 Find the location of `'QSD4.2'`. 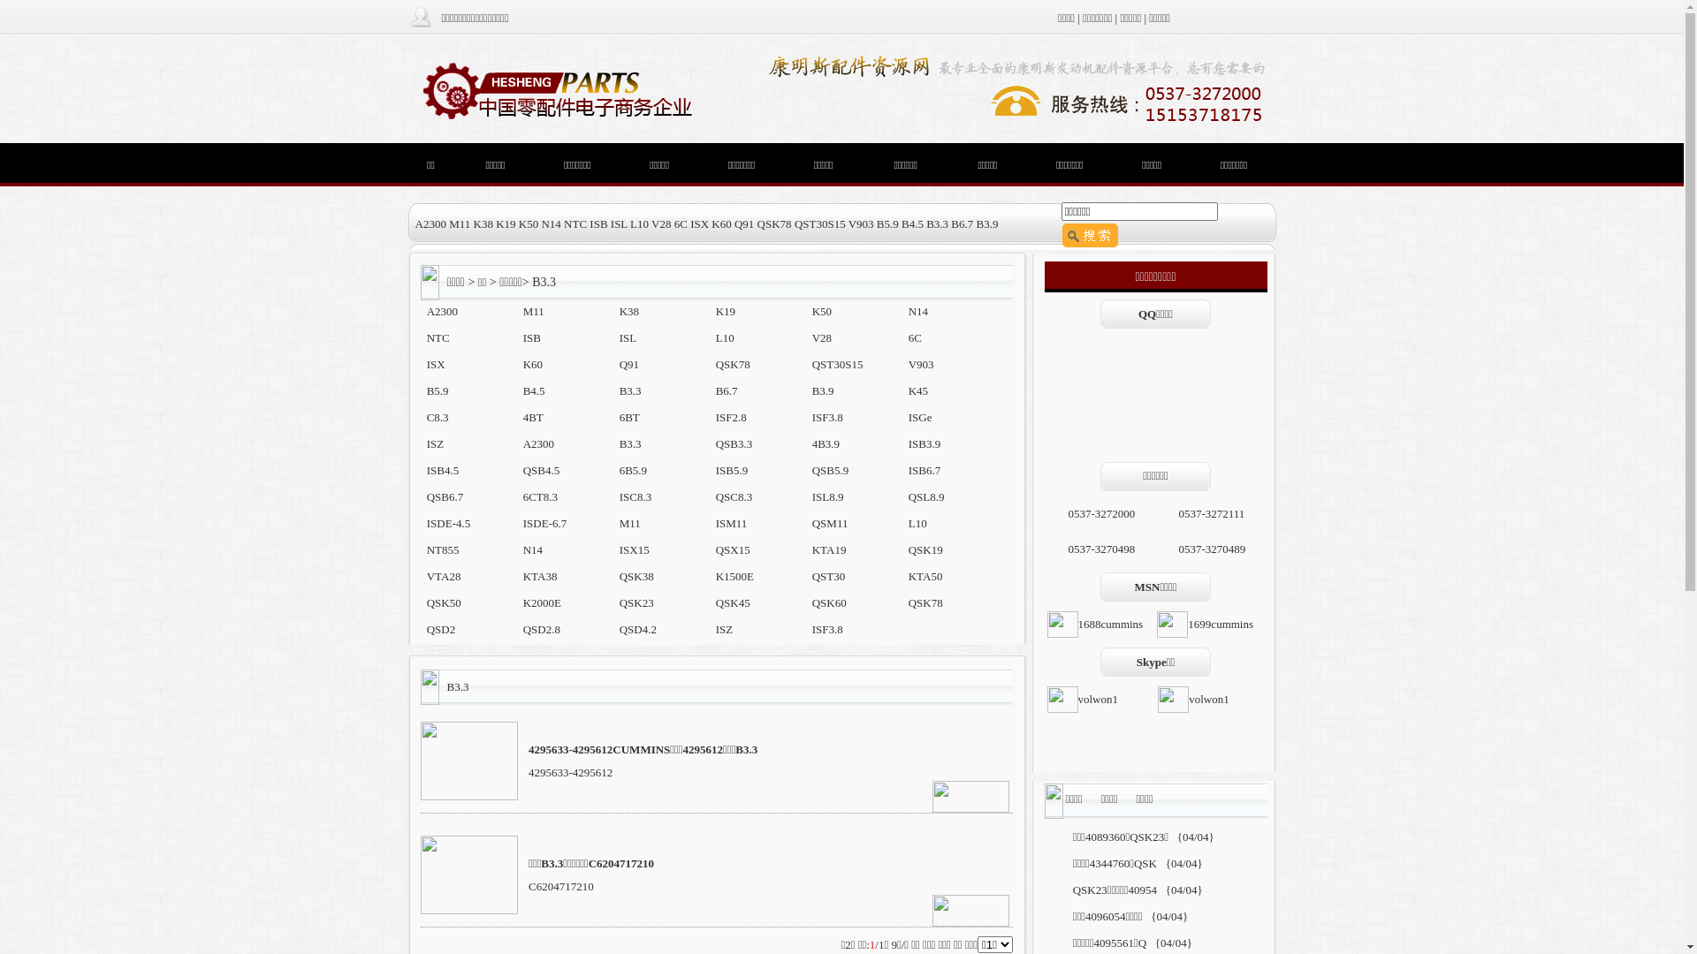

'QSD4.2' is located at coordinates (636, 628).